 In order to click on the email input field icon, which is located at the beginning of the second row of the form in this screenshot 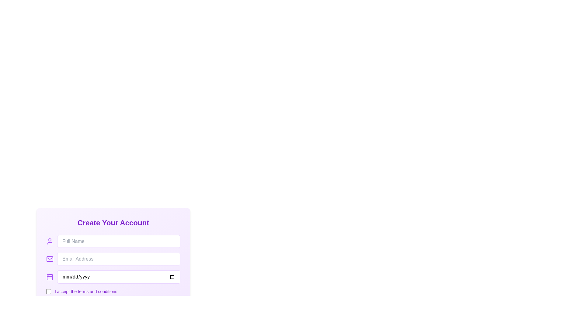, I will do `click(50, 259)`.